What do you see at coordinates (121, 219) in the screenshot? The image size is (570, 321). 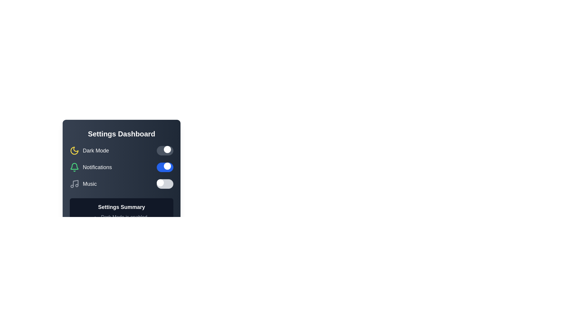 I see `the static informational panel labeled 'Settings Summary' that contains details about current settings, located at the bottom of the 'Settings Dashboard' card` at bounding box center [121, 219].